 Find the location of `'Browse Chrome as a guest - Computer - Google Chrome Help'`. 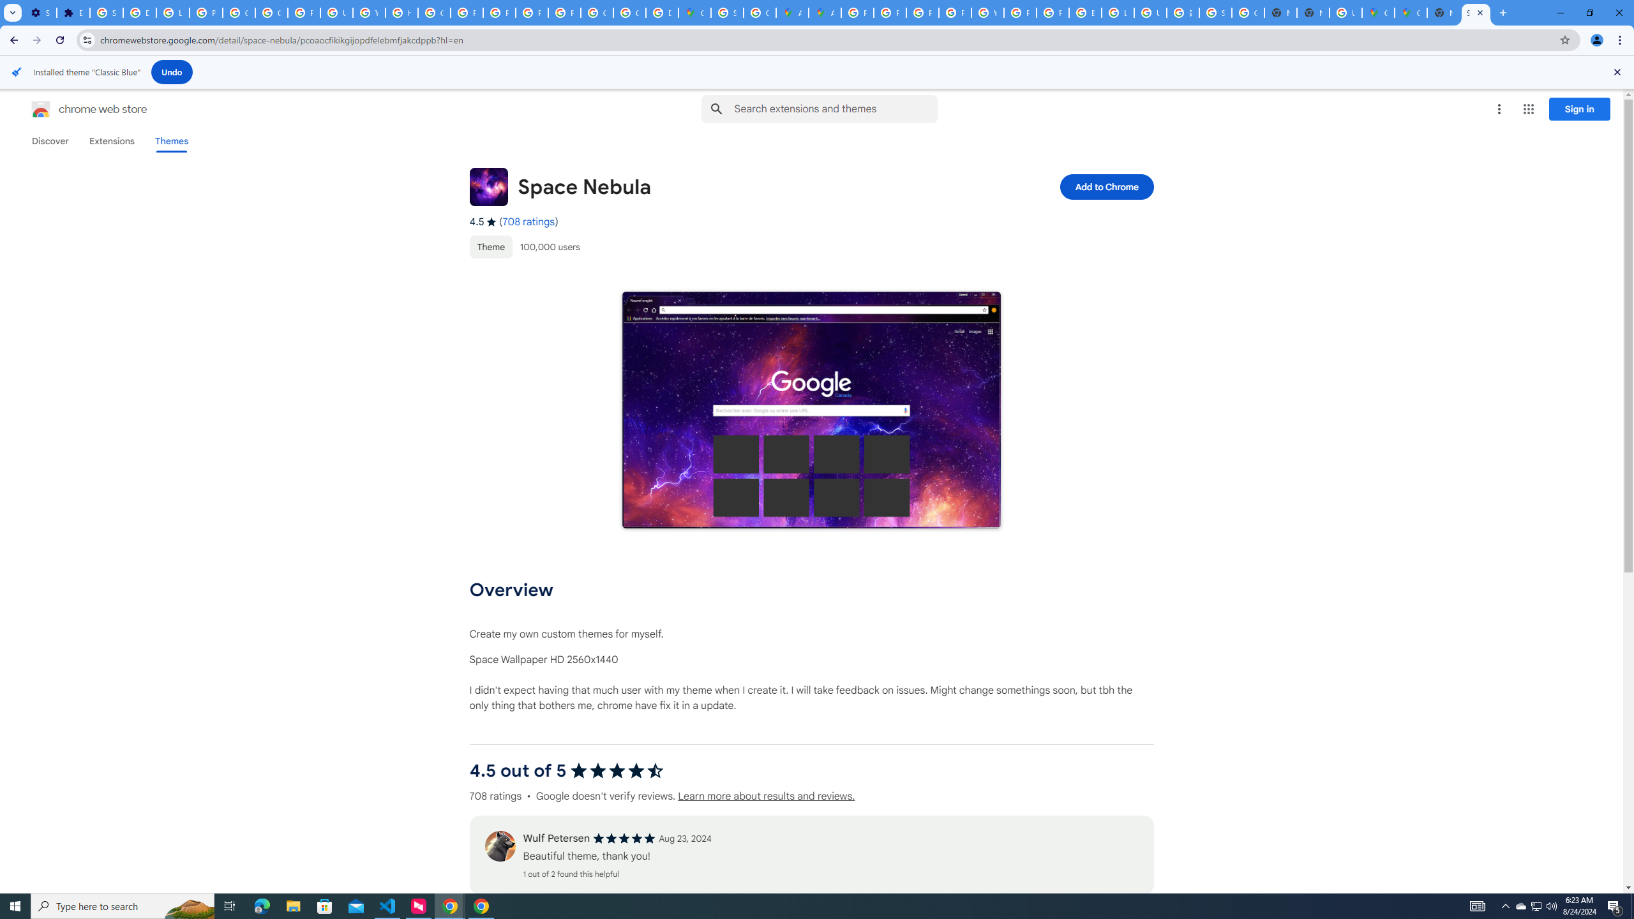

'Browse Chrome as a guest - Computer - Google Chrome Help' is located at coordinates (1085, 12).